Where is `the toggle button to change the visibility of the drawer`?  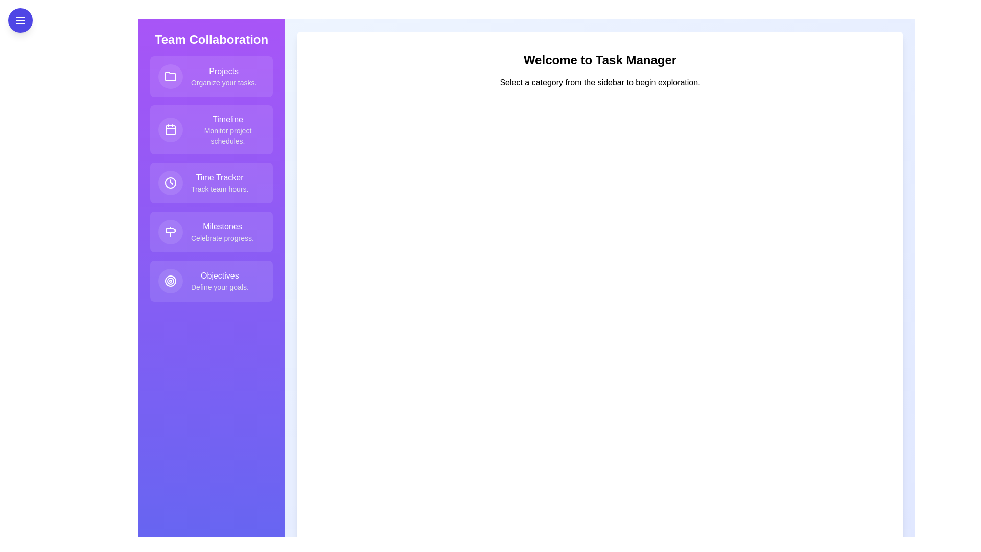 the toggle button to change the visibility of the drawer is located at coordinates (20, 20).